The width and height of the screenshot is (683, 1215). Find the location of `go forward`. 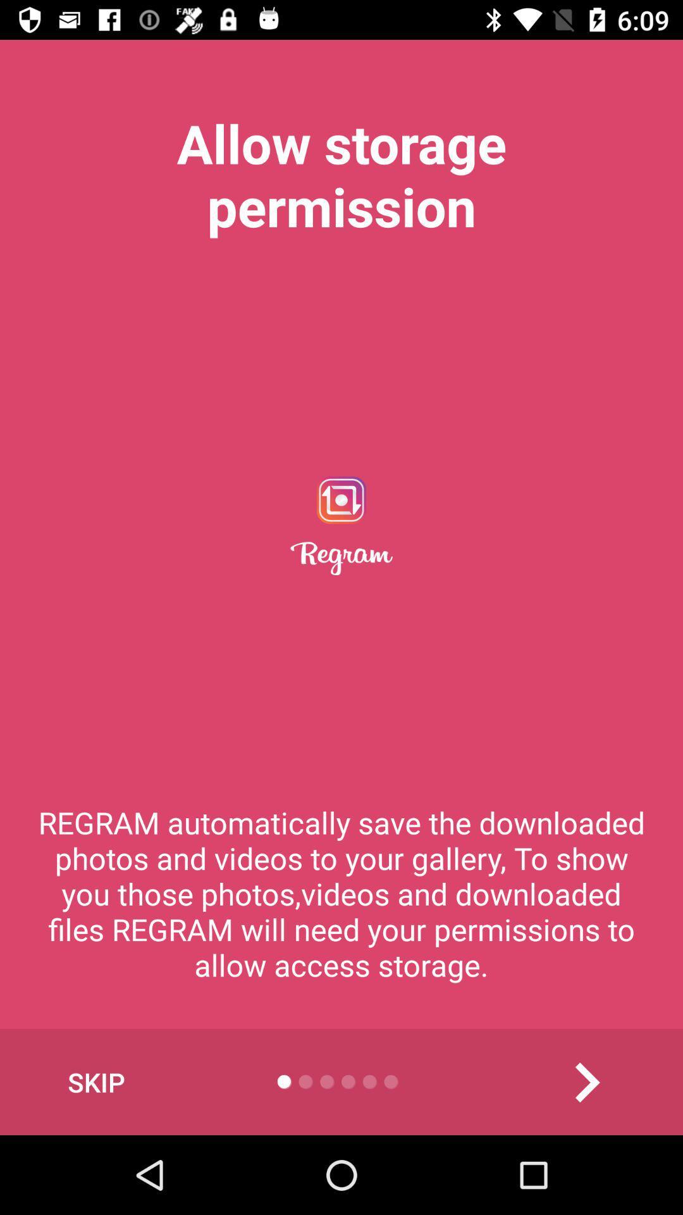

go forward is located at coordinates (586, 1081).